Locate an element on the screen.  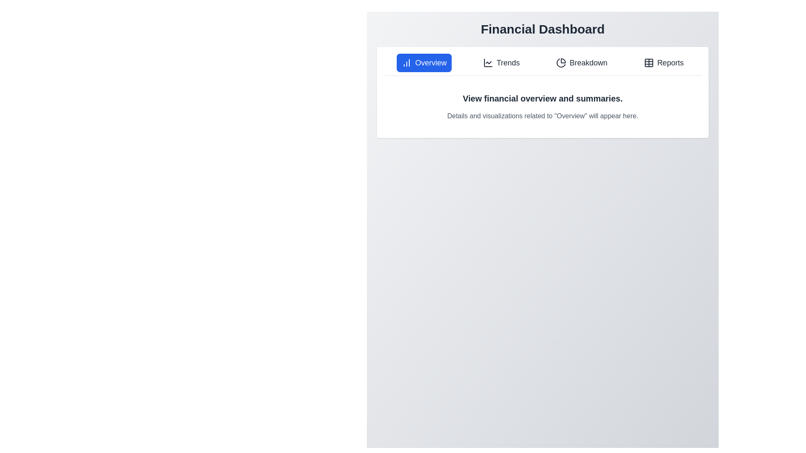
the tab labeled Trends is located at coordinates (501, 62).